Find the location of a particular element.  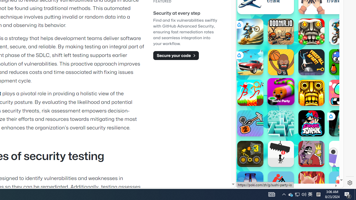

'Settings' is located at coordinates (350, 183).